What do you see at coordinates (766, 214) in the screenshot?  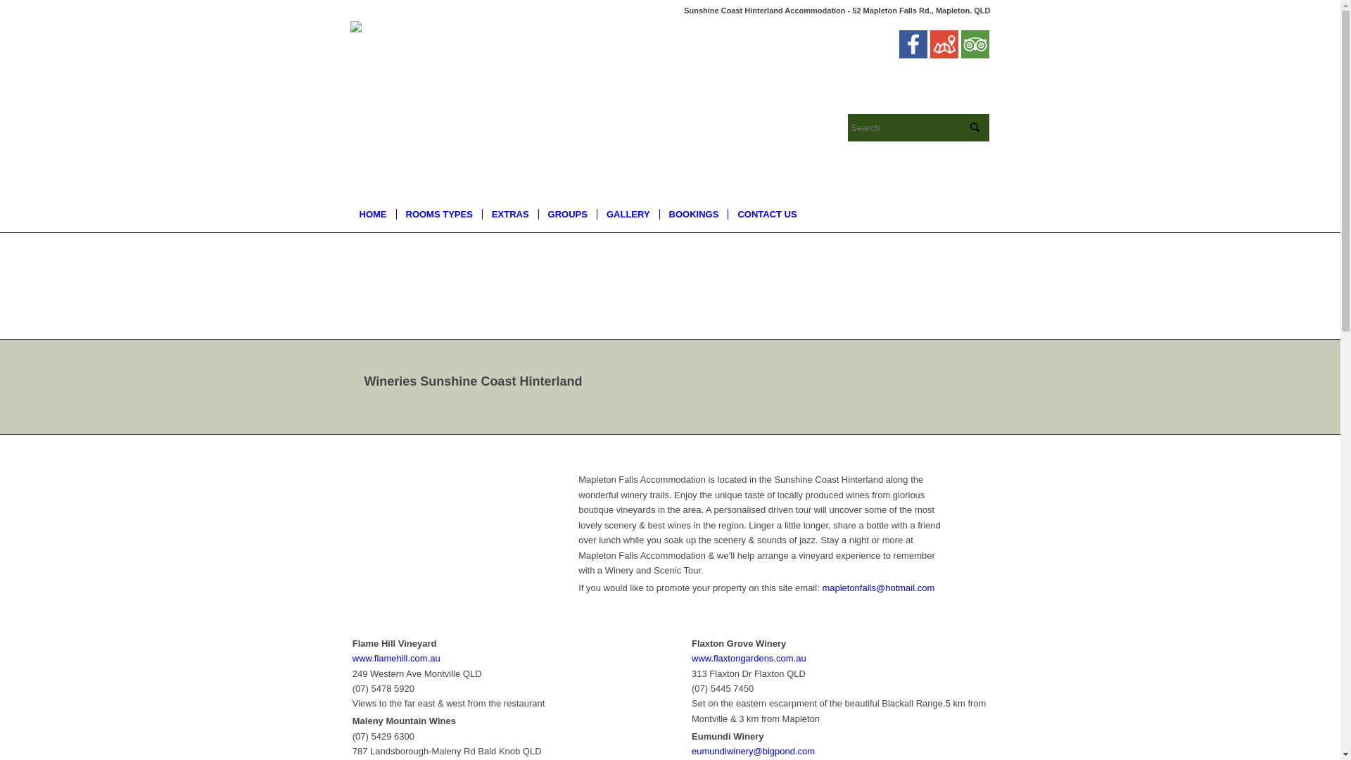 I see `'CONTACT US'` at bounding box center [766, 214].